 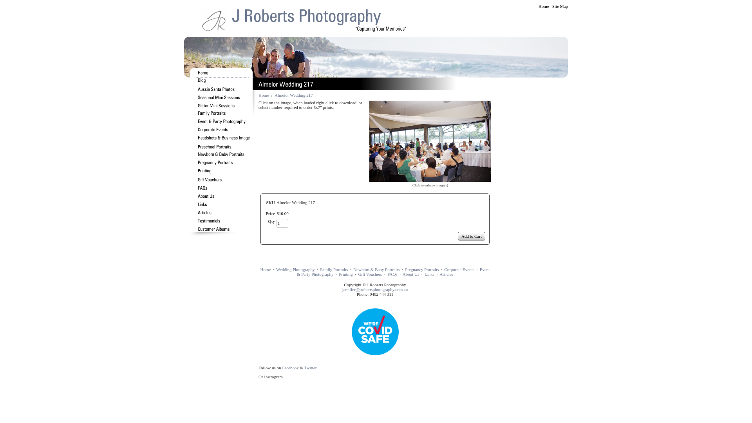 I want to click on 'Add to Cart', so click(x=471, y=235).